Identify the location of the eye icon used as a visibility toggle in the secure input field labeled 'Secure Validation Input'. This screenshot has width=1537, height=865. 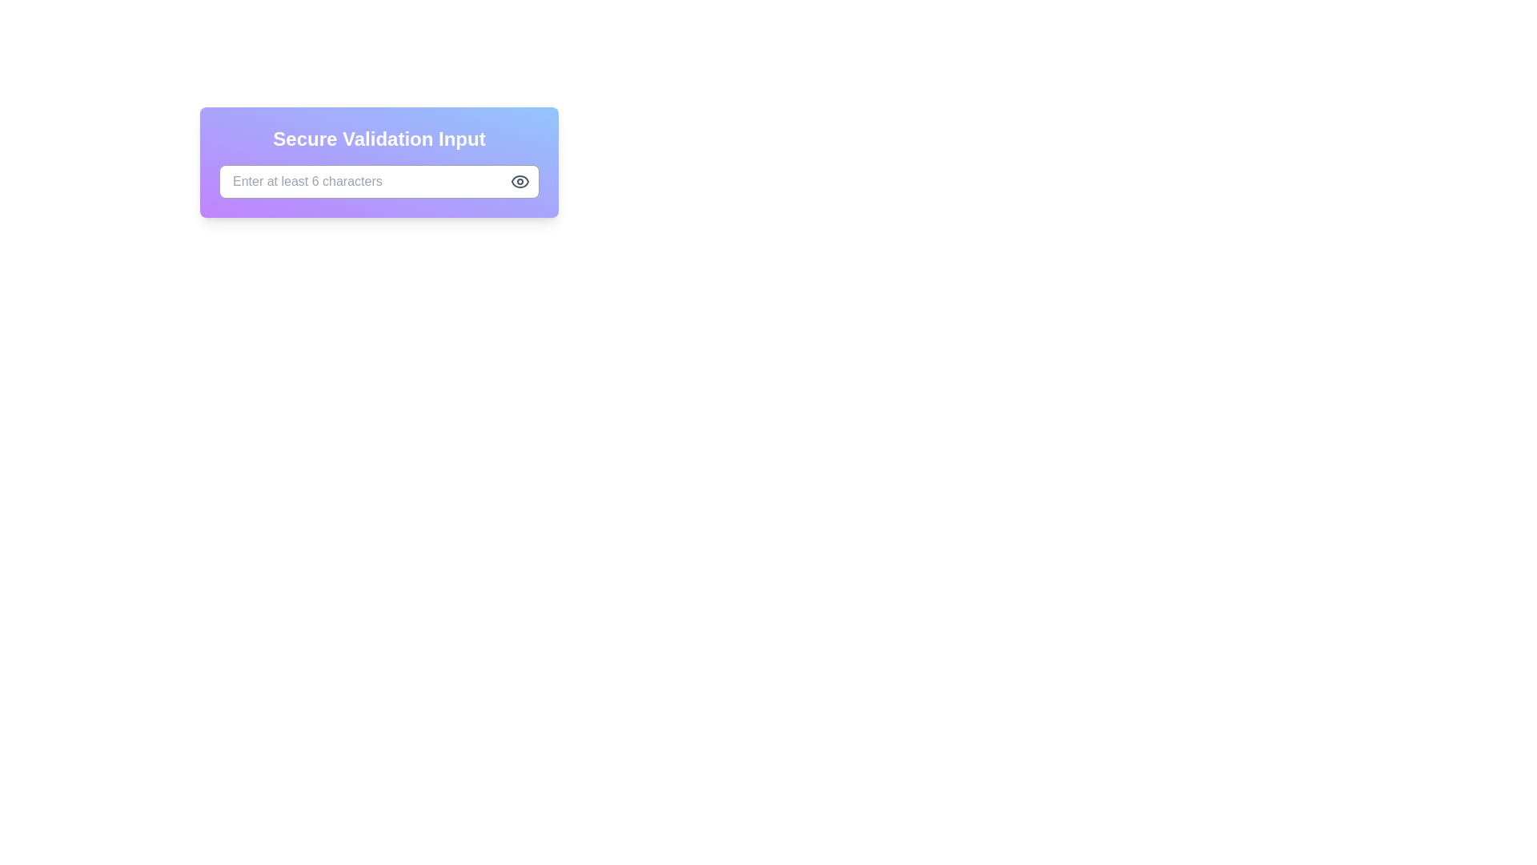
(520, 181).